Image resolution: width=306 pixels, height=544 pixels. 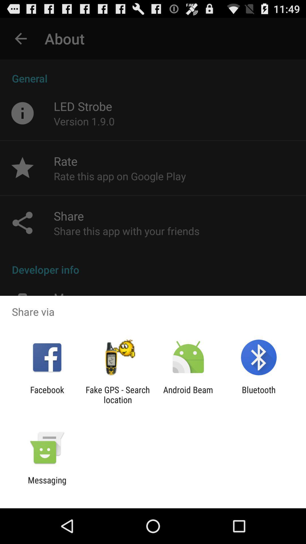 What do you see at coordinates (188, 394) in the screenshot?
I see `the icon next to the fake gps search app` at bounding box center [188, 394].